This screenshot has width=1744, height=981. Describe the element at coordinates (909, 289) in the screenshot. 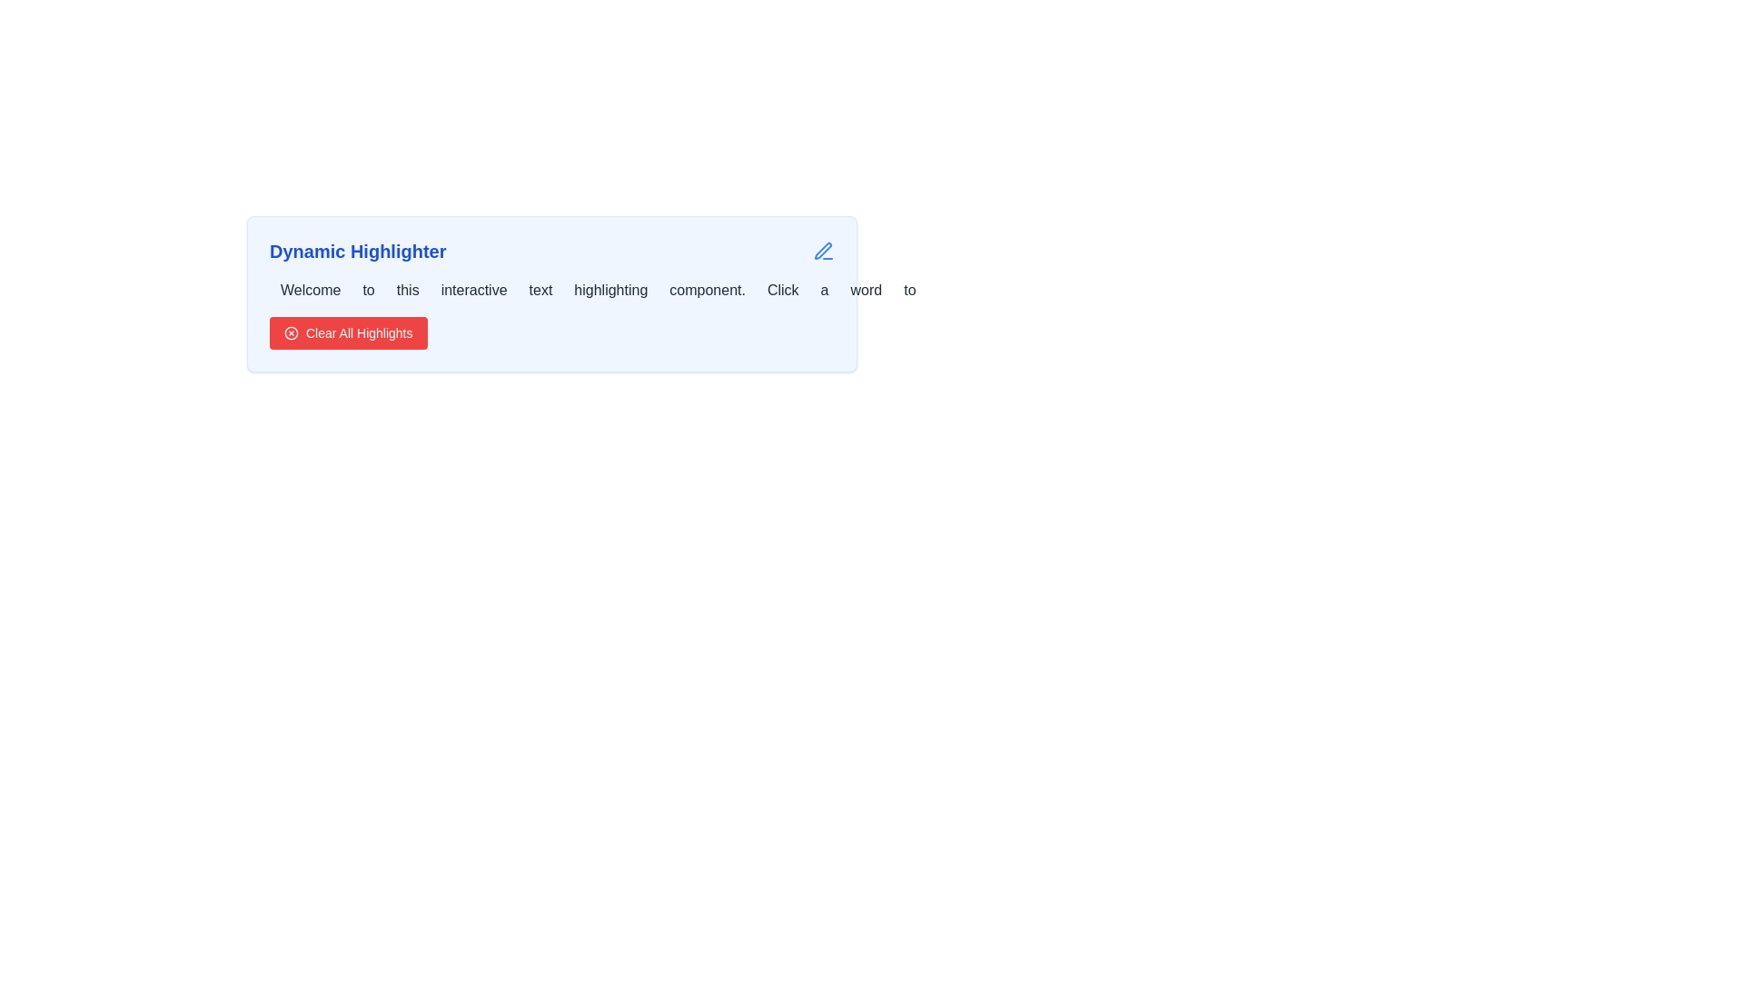

I see `the text element displaying the word 'to', which is the 11th word in the sentence, to enhance its visibility` at that location.